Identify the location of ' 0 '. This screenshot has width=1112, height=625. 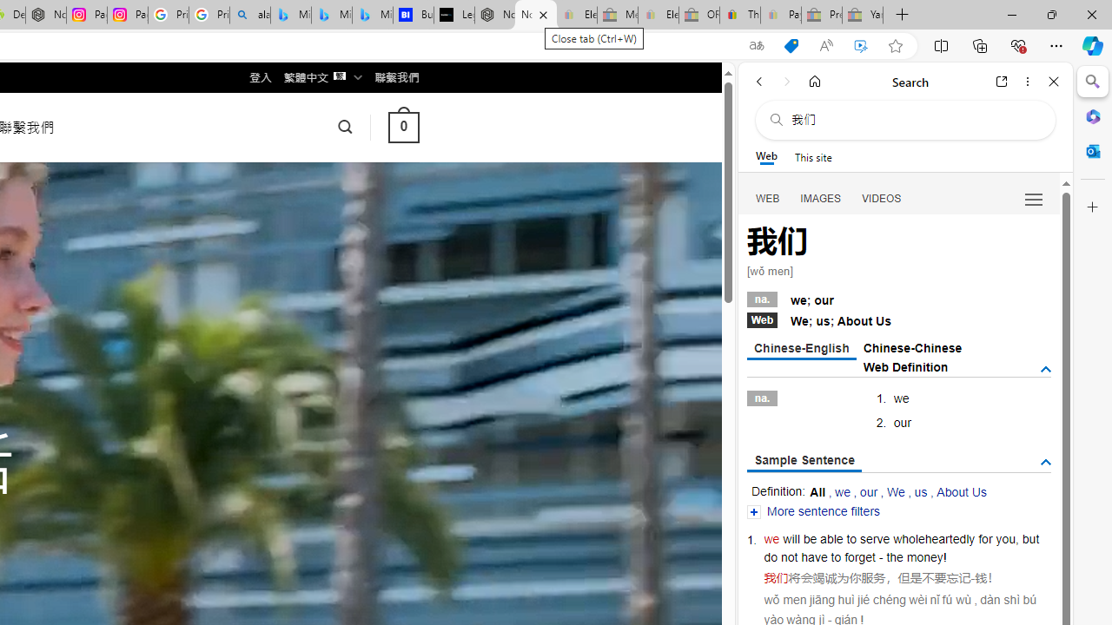
(402, 126).